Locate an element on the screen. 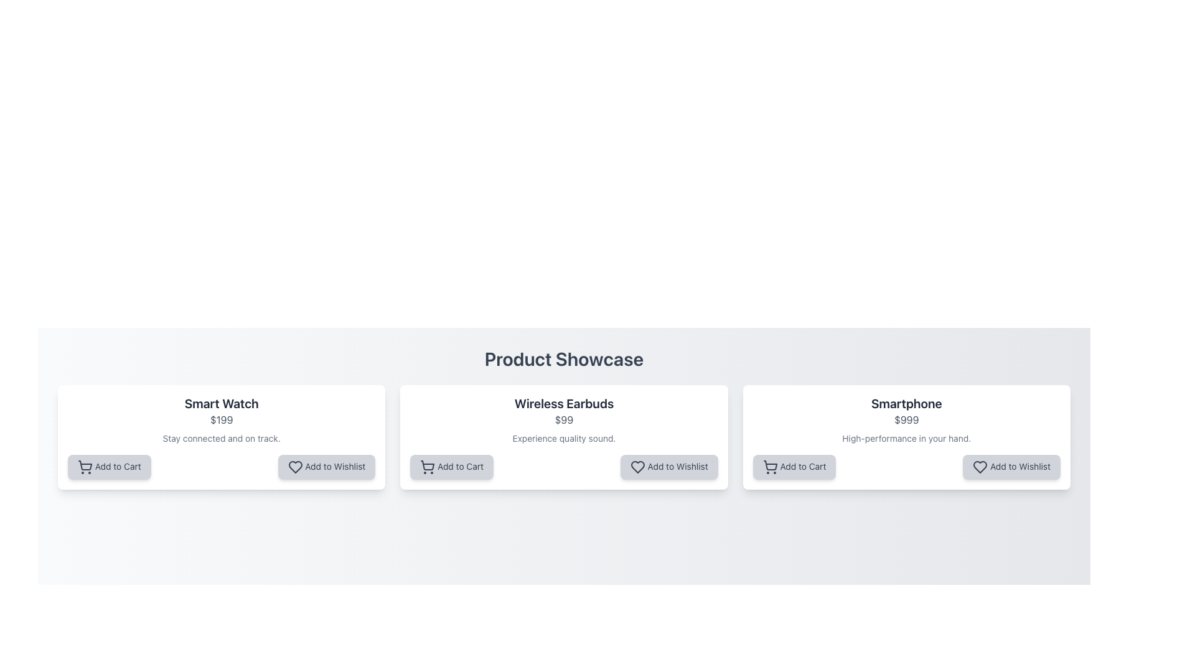  the 'Add to Cart' icon for the 'Wireless Earbuds' product located in the middle of the product showcase is located at coordinates (428, 467).